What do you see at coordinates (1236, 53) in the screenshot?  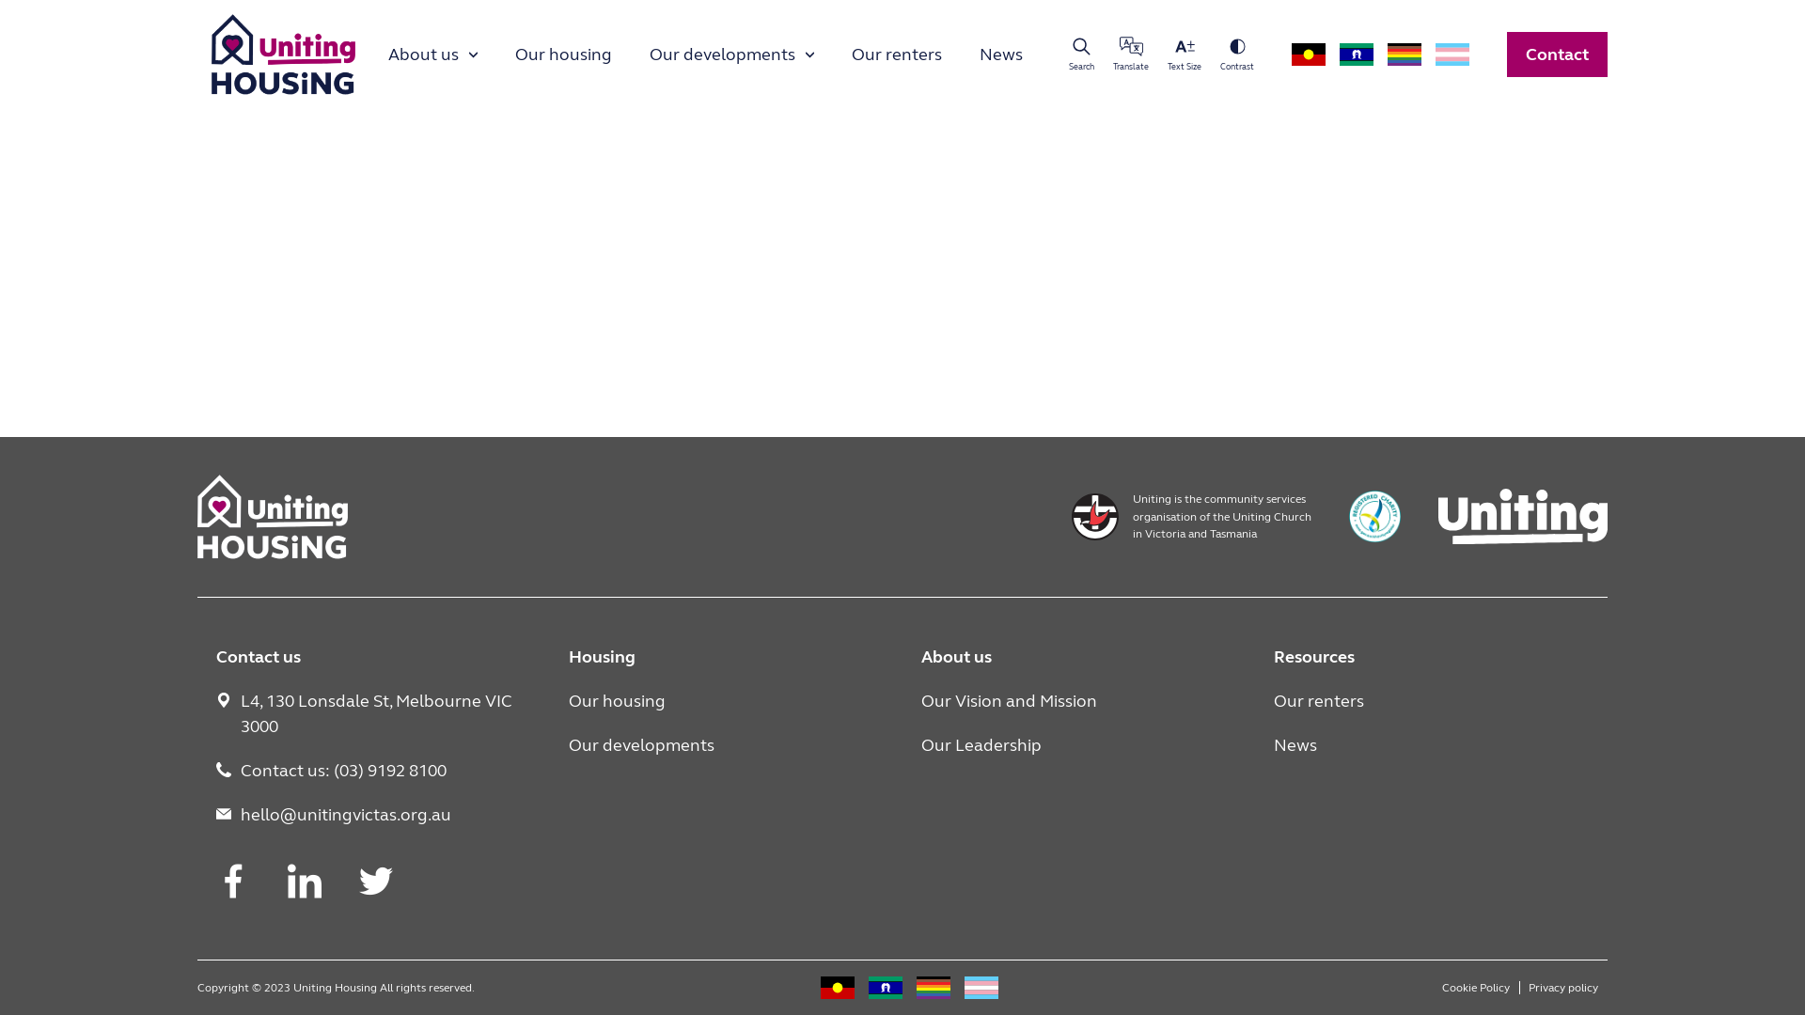 I see `'Contrast'` at bounding box center [1236, 53].